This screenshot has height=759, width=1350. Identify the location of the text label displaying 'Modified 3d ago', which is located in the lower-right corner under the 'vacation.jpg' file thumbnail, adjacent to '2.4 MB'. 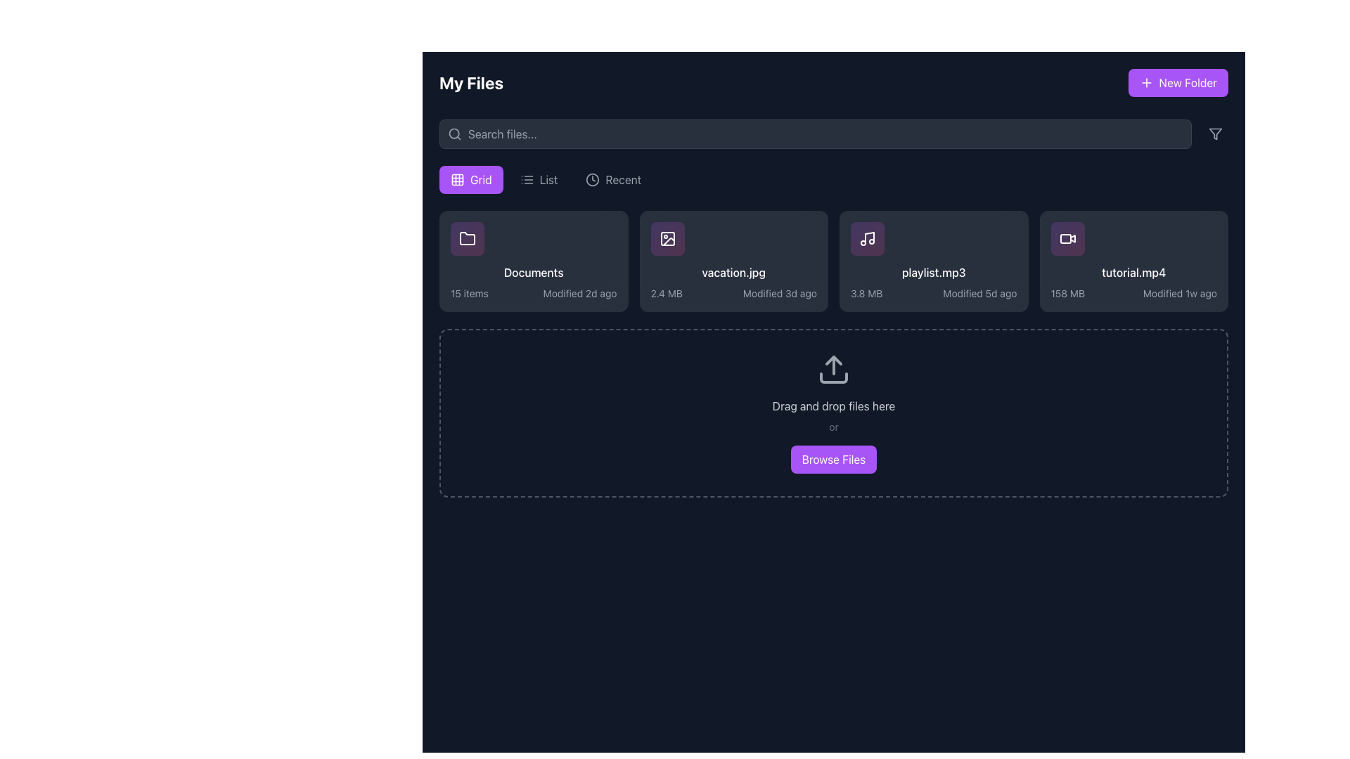
(779, 292).